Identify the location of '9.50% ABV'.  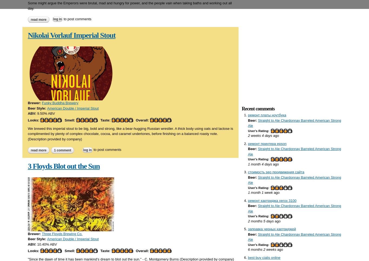
(46, 113).